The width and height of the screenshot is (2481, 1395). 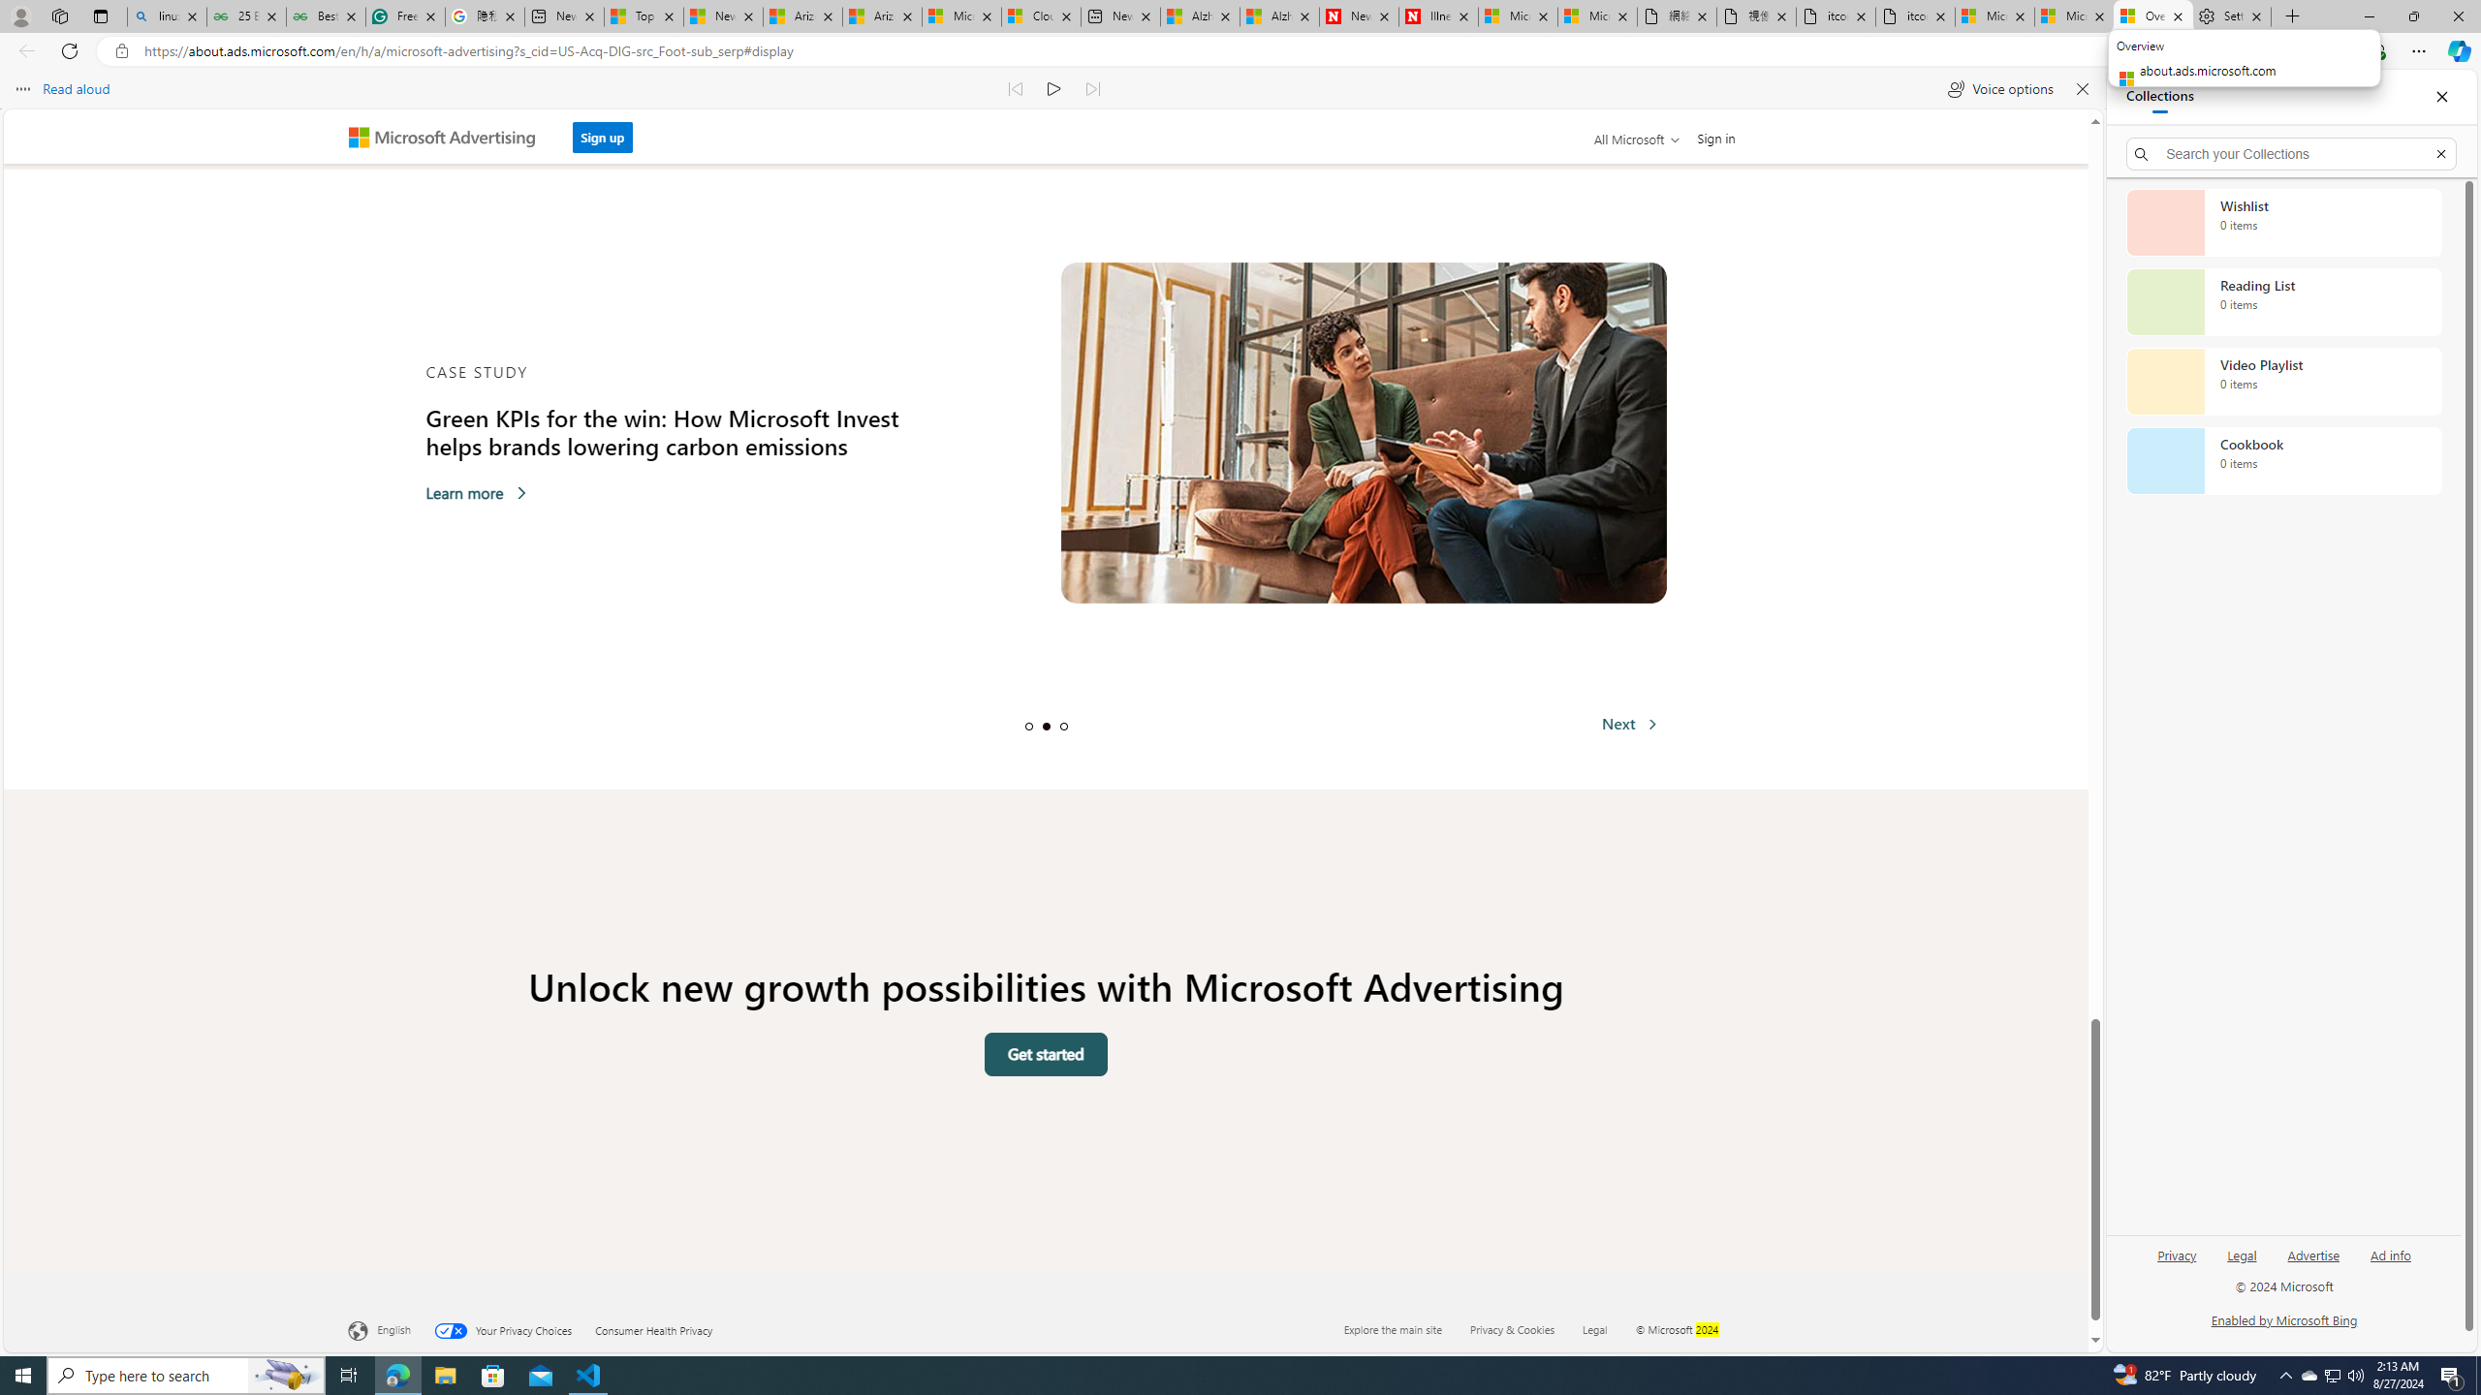 I want to click on 'Slide 3', so click(x=1063, y=725).